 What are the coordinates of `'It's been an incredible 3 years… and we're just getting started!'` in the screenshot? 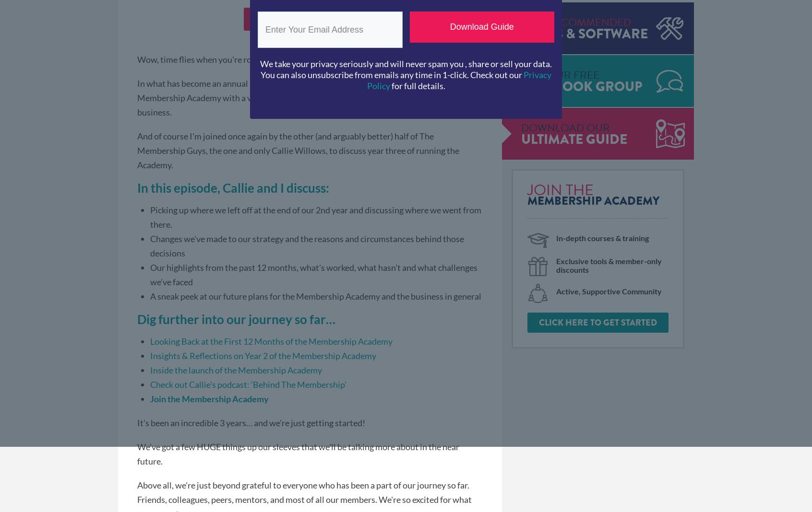 It's located at (136, 421).